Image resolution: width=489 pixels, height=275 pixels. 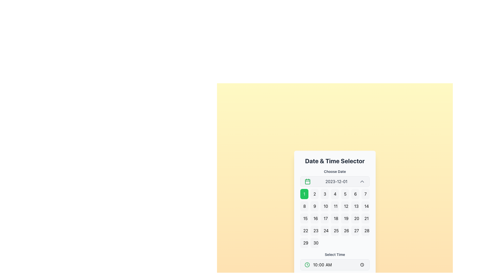 I want to click on the rounded rectangular button displaying the number '14' in the date picker grid, so click(x=365, y=206).